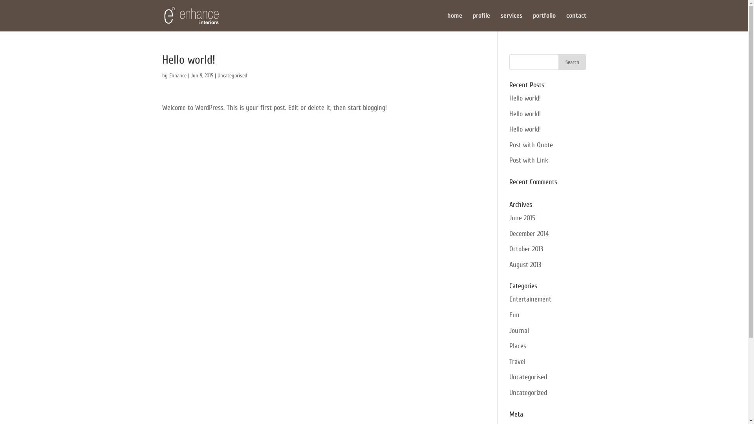  Describe the element at coordinates (530, 299) in the screenshot. I see `'Entertainement'` at that location.